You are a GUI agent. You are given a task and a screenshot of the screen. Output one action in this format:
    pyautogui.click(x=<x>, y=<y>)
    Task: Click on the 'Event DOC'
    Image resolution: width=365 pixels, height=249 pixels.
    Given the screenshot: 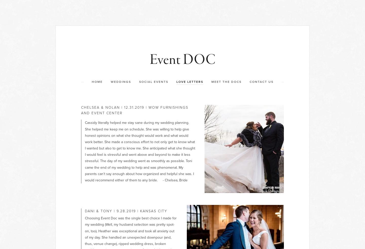 What is the action you would take?
    pyautogui.click(x=149, y=60)
    